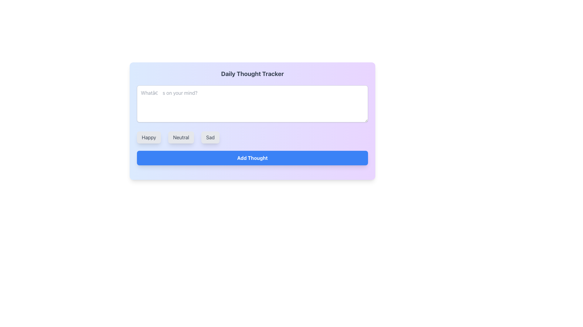 The image size is (583, 327). I want to click on the 'Neutral' sentiment button, which is the second button in a group of three horizontally aligned buttons, positioned between the 'Happy' button on the left and the 'Sad' button on the right, so click(181, 137).